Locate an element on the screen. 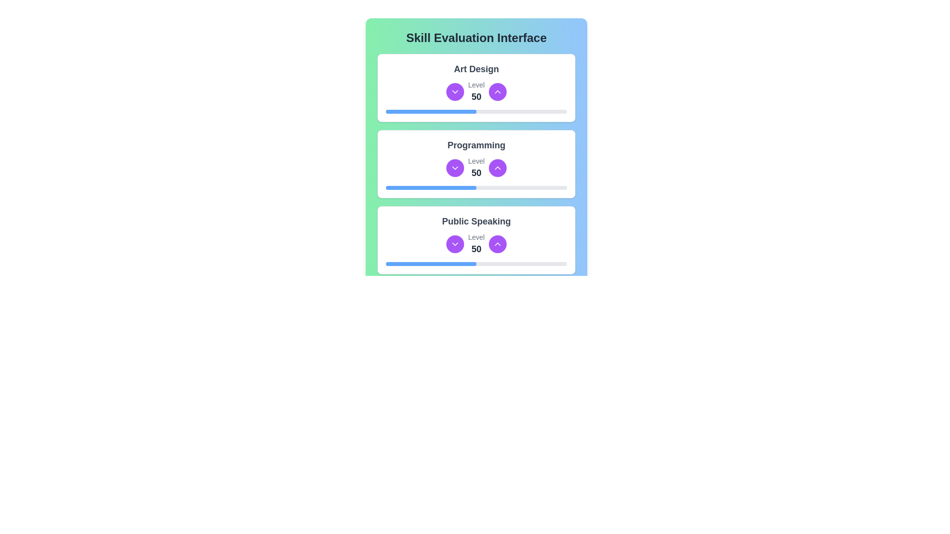  the text label that displays the title or name of the skill associated with the first card in the vertical series of cards in the 'Skill Evaluation Interface' is located at coordinates (476, 68).